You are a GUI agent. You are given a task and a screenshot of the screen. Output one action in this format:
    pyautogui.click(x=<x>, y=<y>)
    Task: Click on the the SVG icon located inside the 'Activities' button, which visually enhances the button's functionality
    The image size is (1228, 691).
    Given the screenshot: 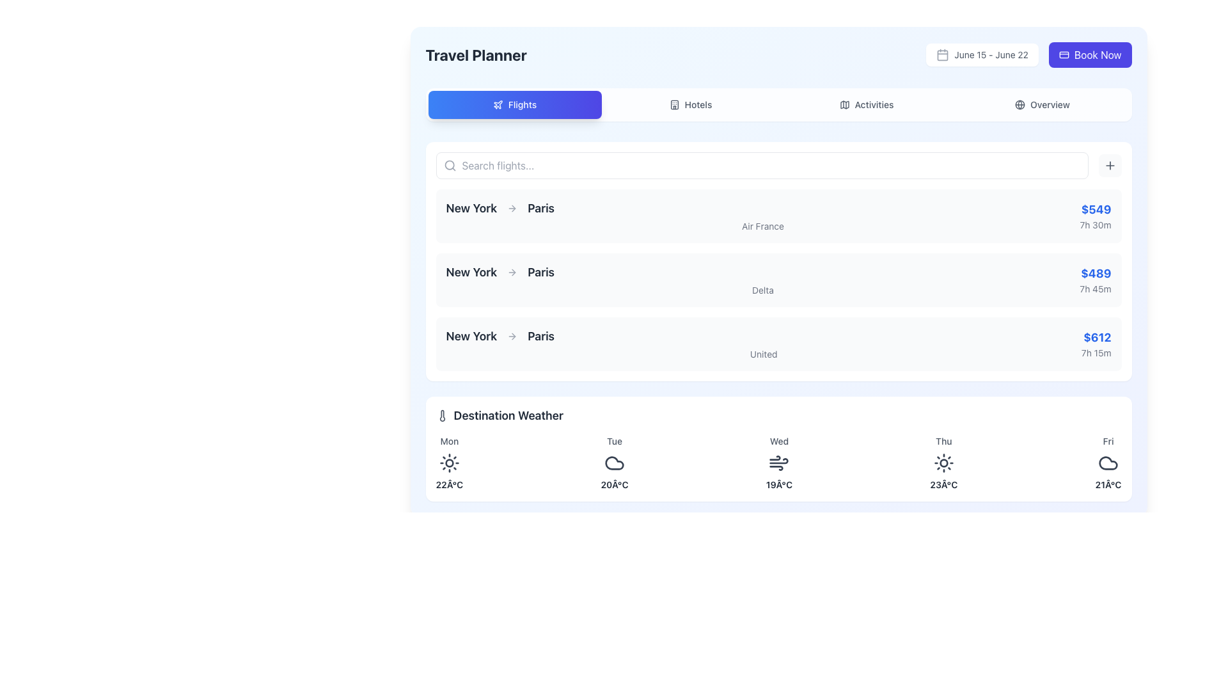 What is the action you would take?
    pyautogui.click(x=844, y=104)
    